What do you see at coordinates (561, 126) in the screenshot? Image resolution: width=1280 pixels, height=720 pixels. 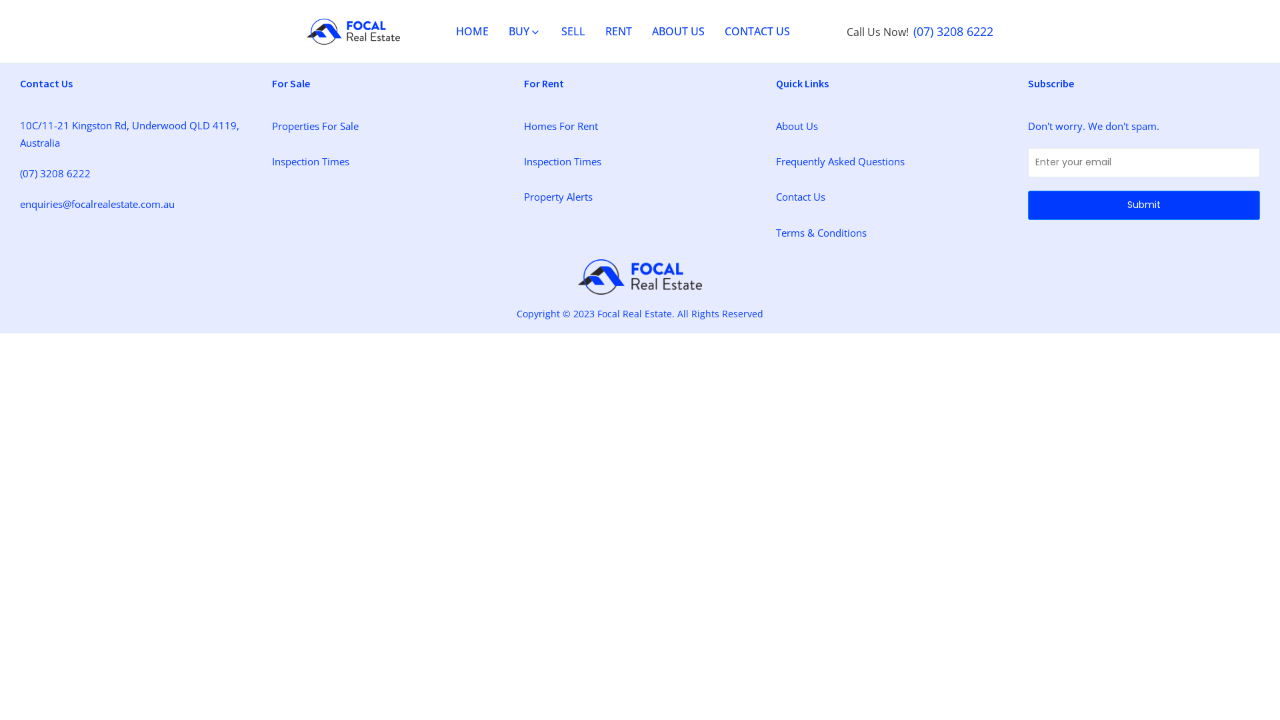 I see `'Homes For Rent'` at bounding box center [561, 126].